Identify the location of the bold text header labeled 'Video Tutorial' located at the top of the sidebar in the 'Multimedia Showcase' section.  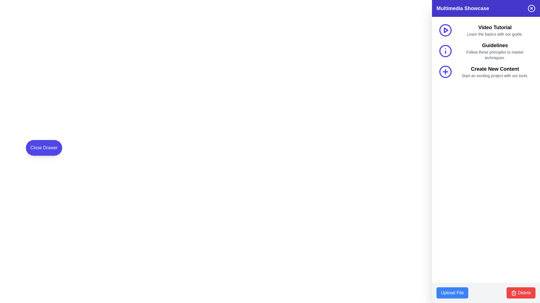
(495, 27).